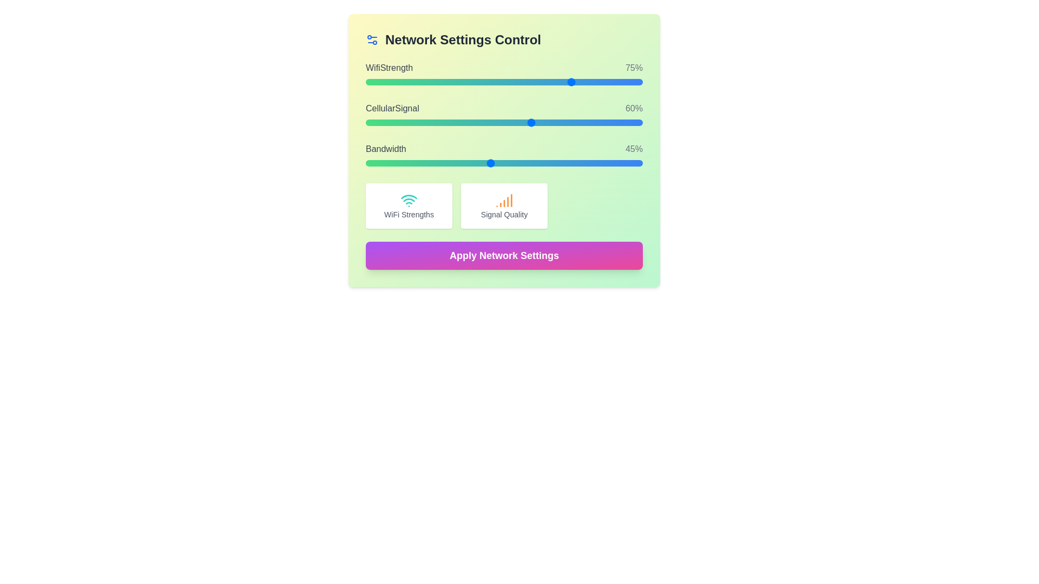 The height and width of the screenshot is (584, 1039). What do you see at coordinates (474, 163) in the screenshot?
I see `the bandwidth slider` at bounding box center [474, 163].